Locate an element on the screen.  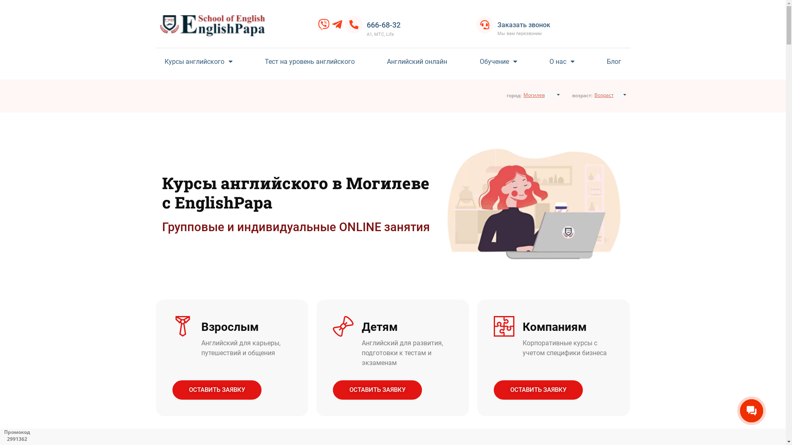
'666-68-32' is located at coordinates (383, 24).